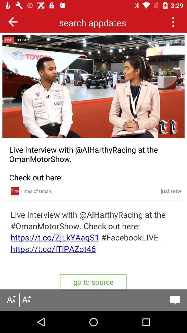  What do you see at coordinates (175, 300) in the screenshot?
I see `the chat icon` at bounding box center [175, 300].